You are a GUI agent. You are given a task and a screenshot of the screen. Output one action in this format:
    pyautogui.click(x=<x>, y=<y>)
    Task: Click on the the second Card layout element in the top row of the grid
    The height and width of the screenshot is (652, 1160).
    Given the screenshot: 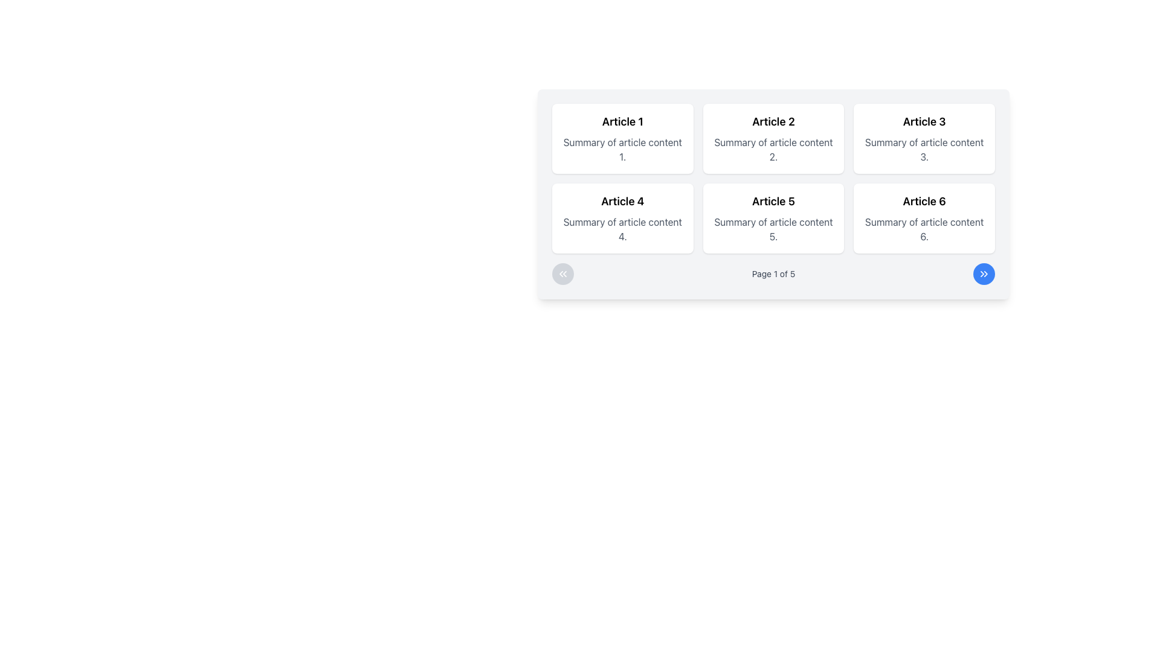 What is the action you would take?
    pyautogui.click(x=773, y=138)
    